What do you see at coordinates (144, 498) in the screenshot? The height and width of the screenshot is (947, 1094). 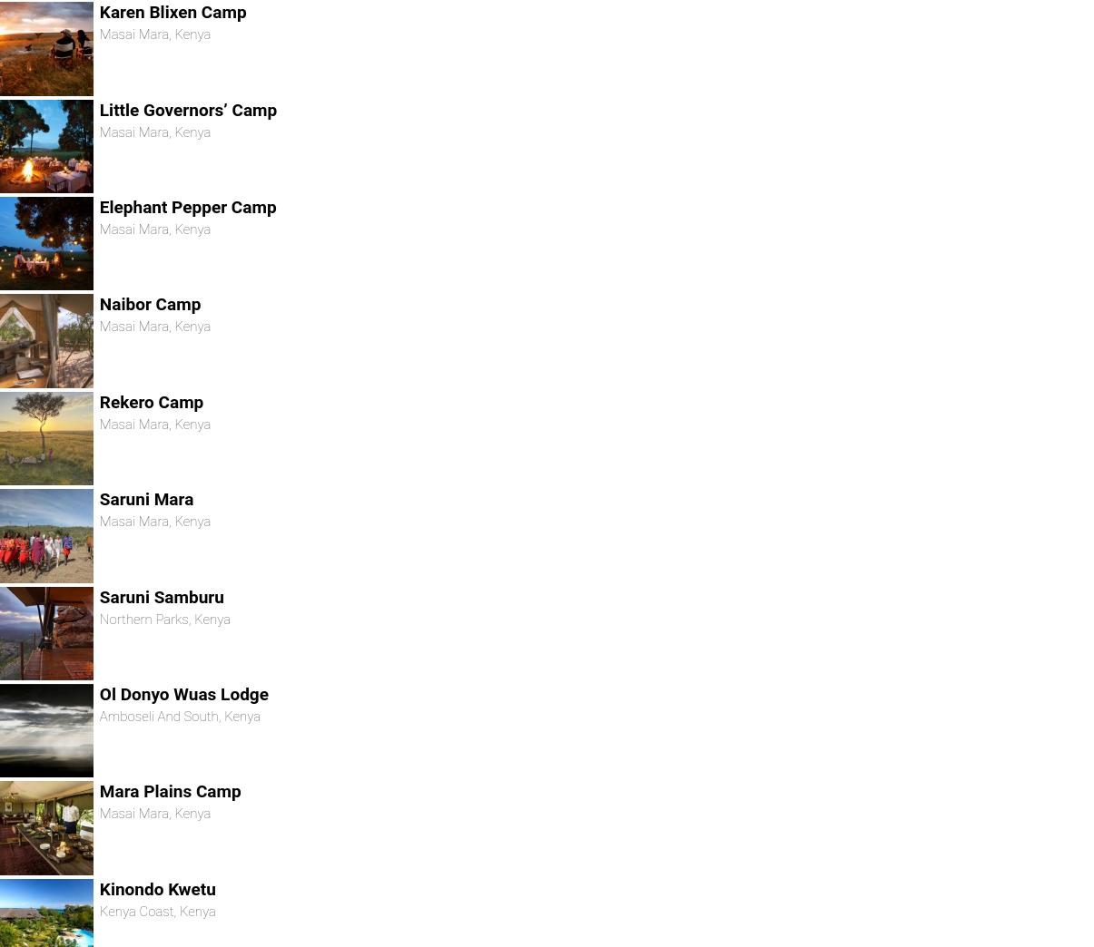 I see `'Saruni Mara'` at bounding box center [144, 498].